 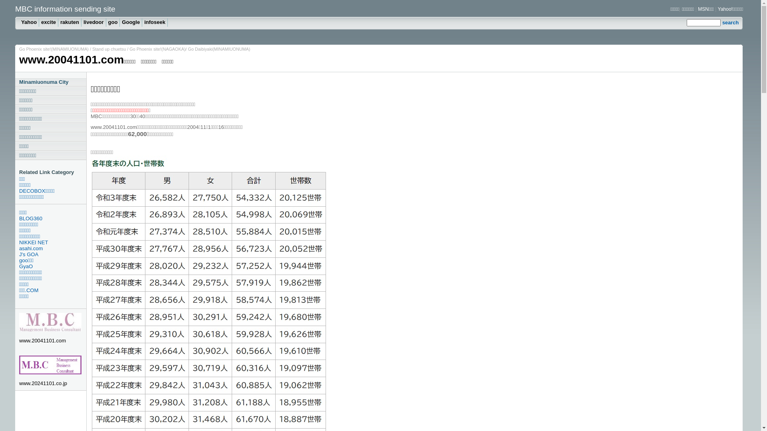 I want to click on 'Minamiuonuma City', so click(x=50, y=82).